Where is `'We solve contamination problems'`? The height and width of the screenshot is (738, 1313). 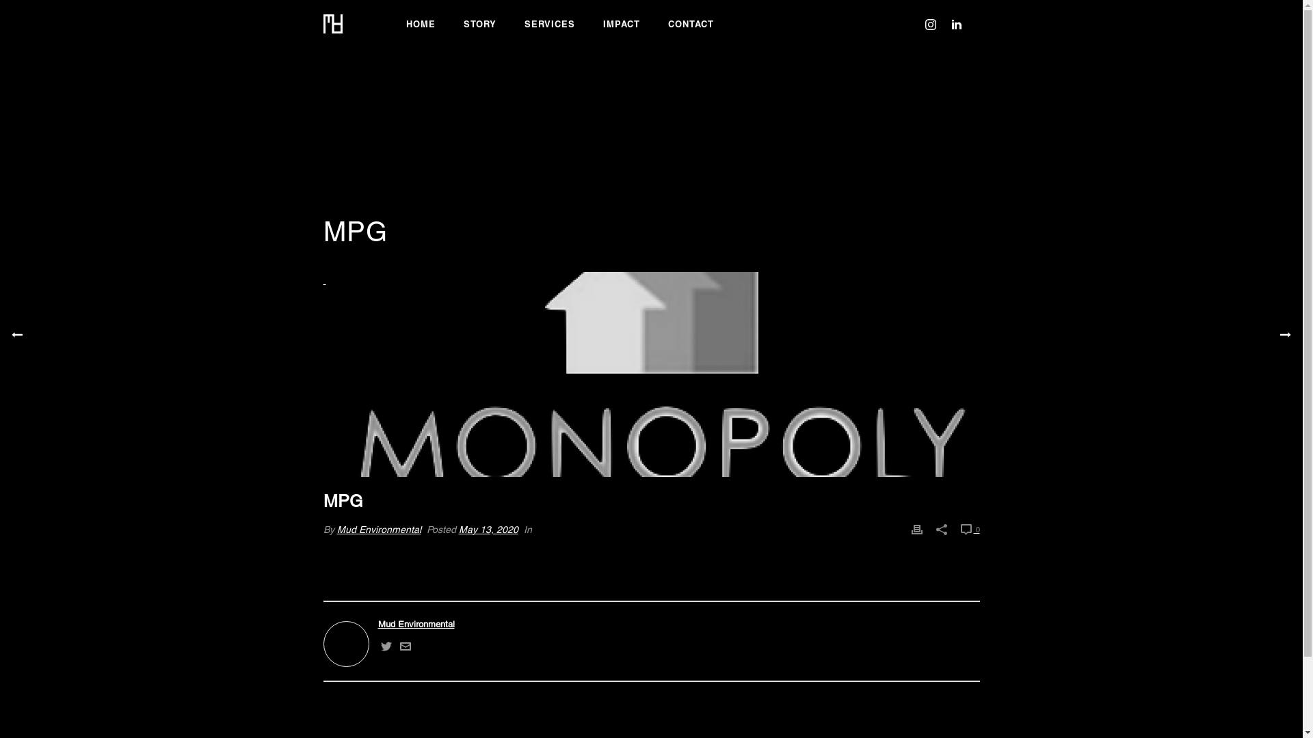 'We solve contamination problems' is located at coordinates (332, 23).